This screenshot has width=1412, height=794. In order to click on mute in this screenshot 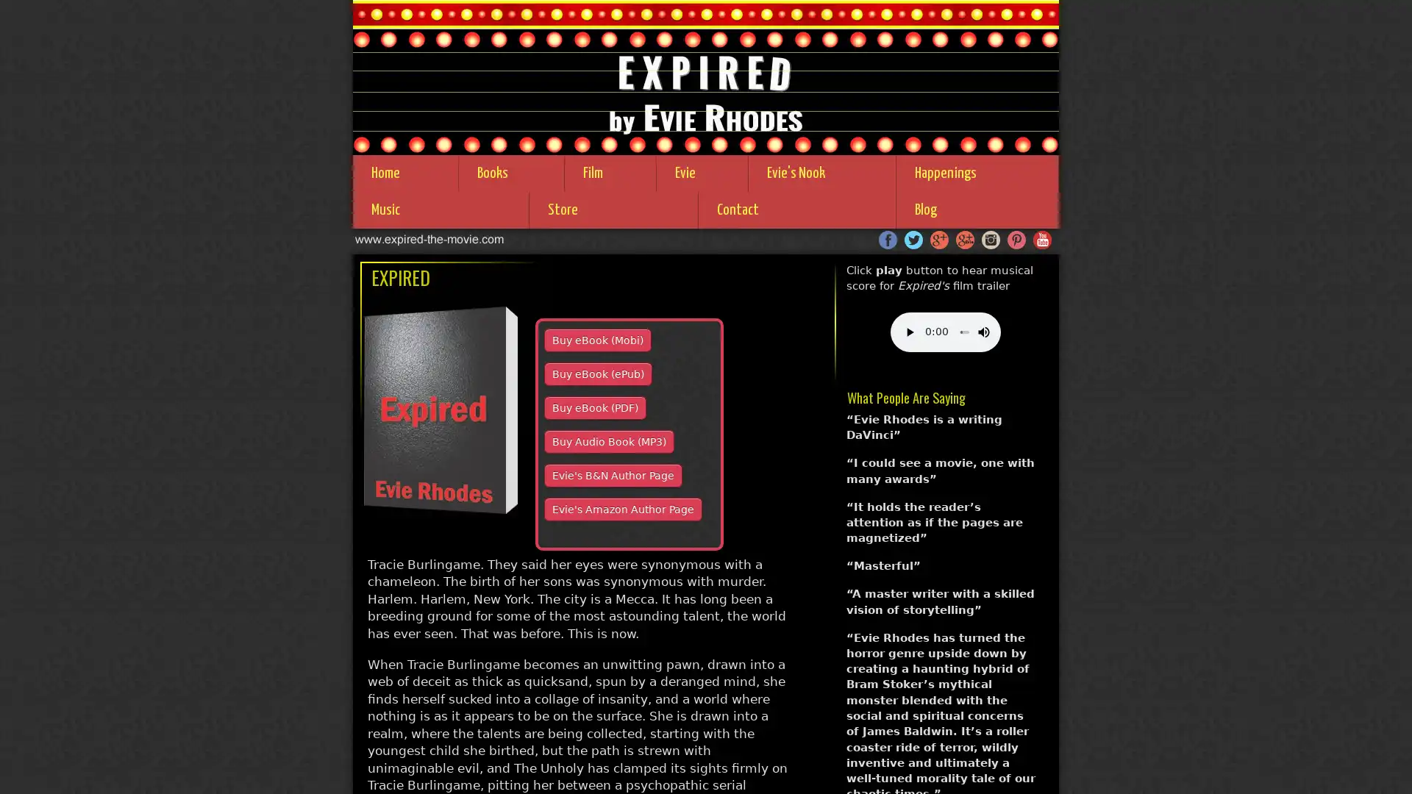, I will do `click(957, 332)`.